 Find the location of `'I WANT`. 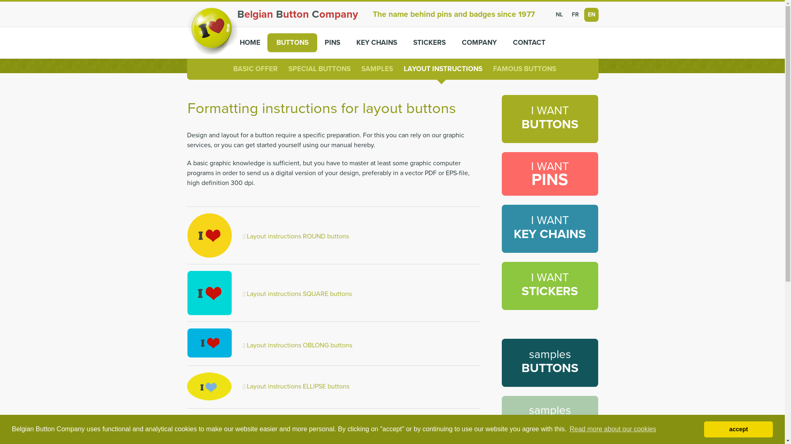

'I WANT is located at coordinates (550, 173).